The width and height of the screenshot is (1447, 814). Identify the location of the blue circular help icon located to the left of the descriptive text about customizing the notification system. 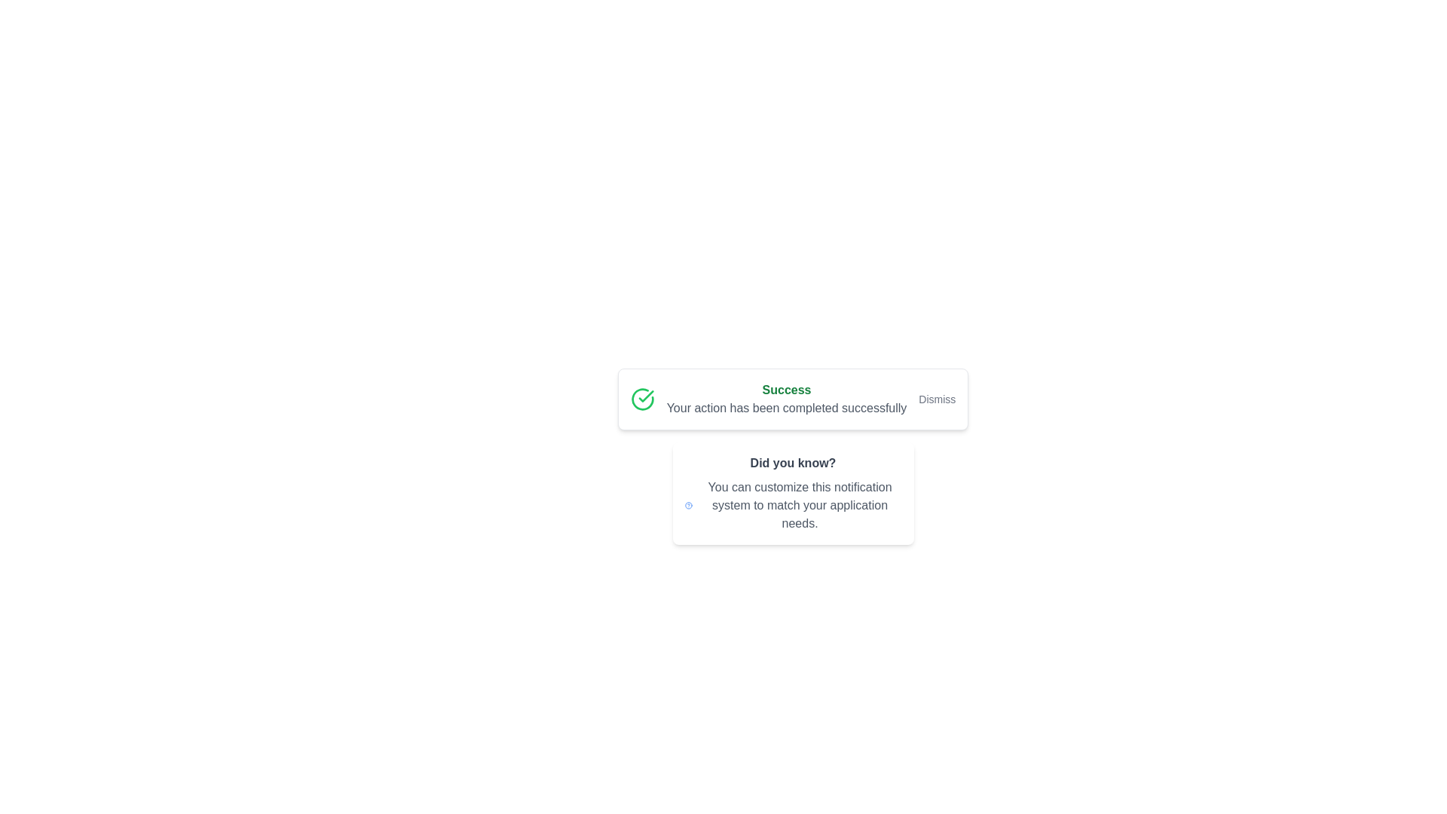
(687, 506).